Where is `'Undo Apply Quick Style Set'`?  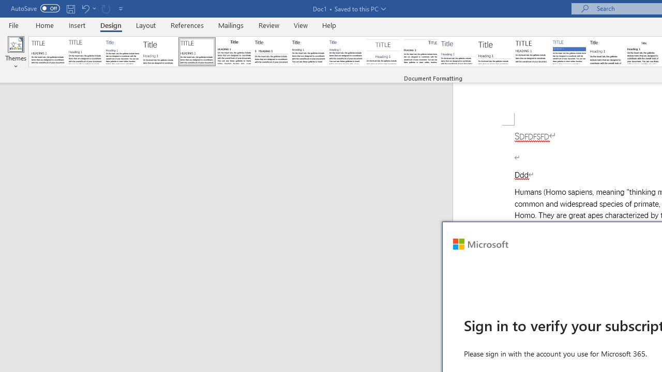
'Undo Apply Quick Style Set' is located at coordinates (85, 8).